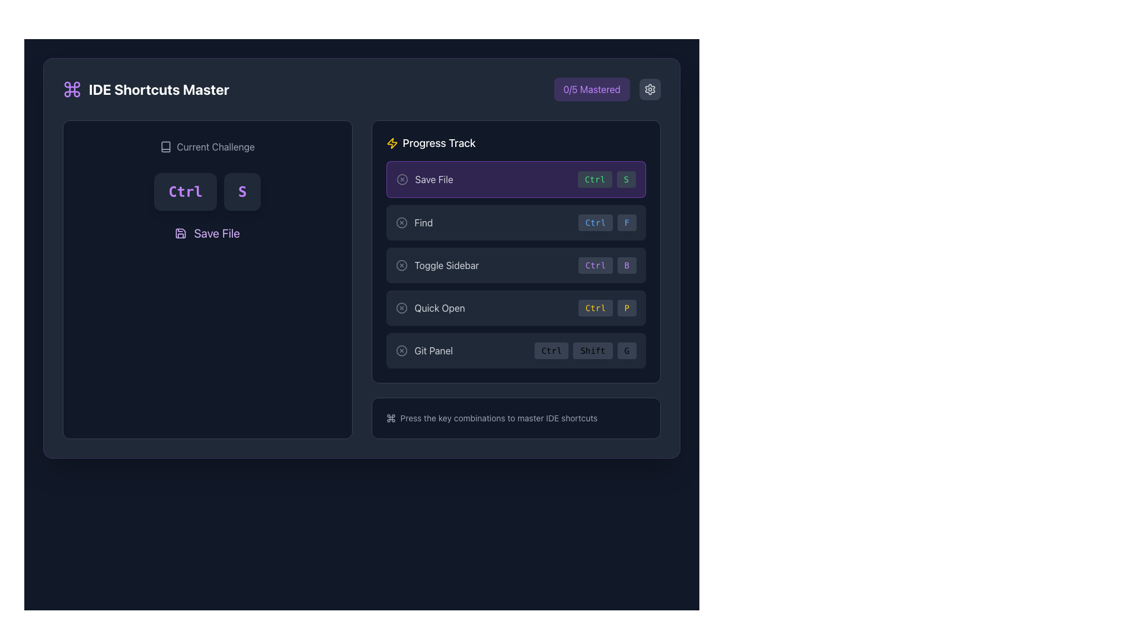  I want to click on the 'S' button that represents the 'S' key for the 'Ctrl + S' keyboard shortcut, located to the immediate right of the 'Ctrl' button in the 'Current Challenge' section, so click(242, 191).